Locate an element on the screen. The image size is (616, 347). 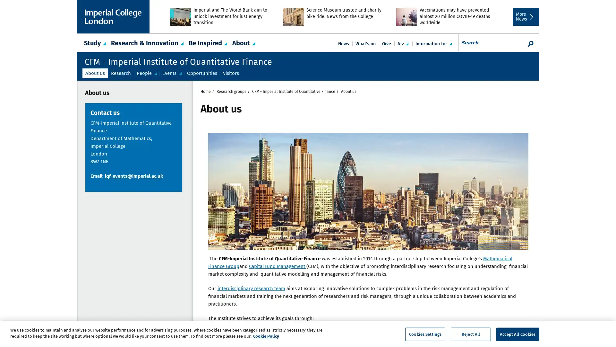
b Search is located at coordinates (531, 43).